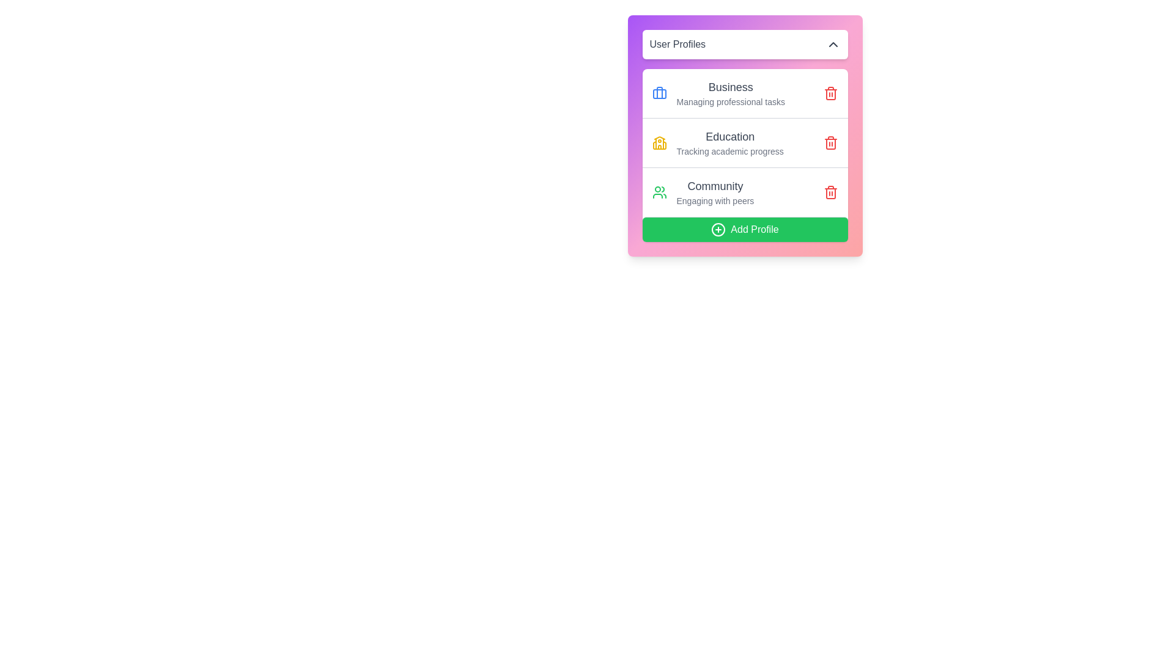  What do you see at coordinates (703, 193) in the screenshot?
I see `the 'Community' profile category list item that describes 'Engaging with peers'` at bounding box center [703, 193].